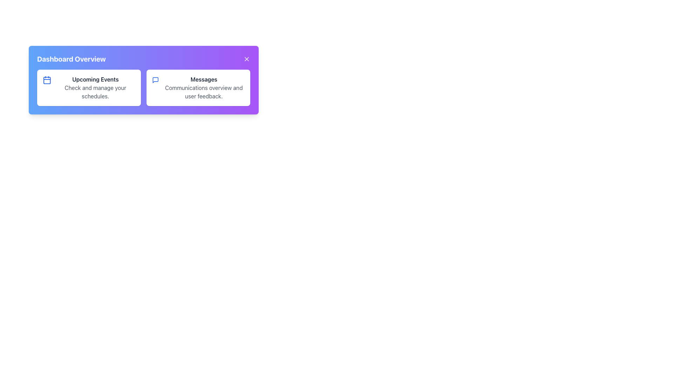 The image size is (673, 378). Describe the element at coordinates (95, 79) in the screenshot. I see `heading text label that indicates the section for managing or viewing upcoming events, located at the top of its card-like section in the dashboard layout` at that location.